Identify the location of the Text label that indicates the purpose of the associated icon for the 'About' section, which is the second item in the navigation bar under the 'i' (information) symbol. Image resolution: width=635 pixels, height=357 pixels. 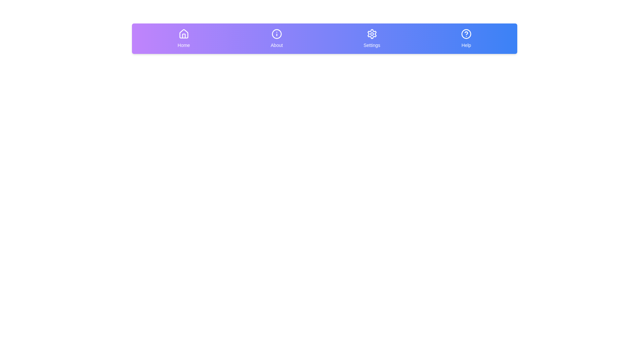
(276, 45).